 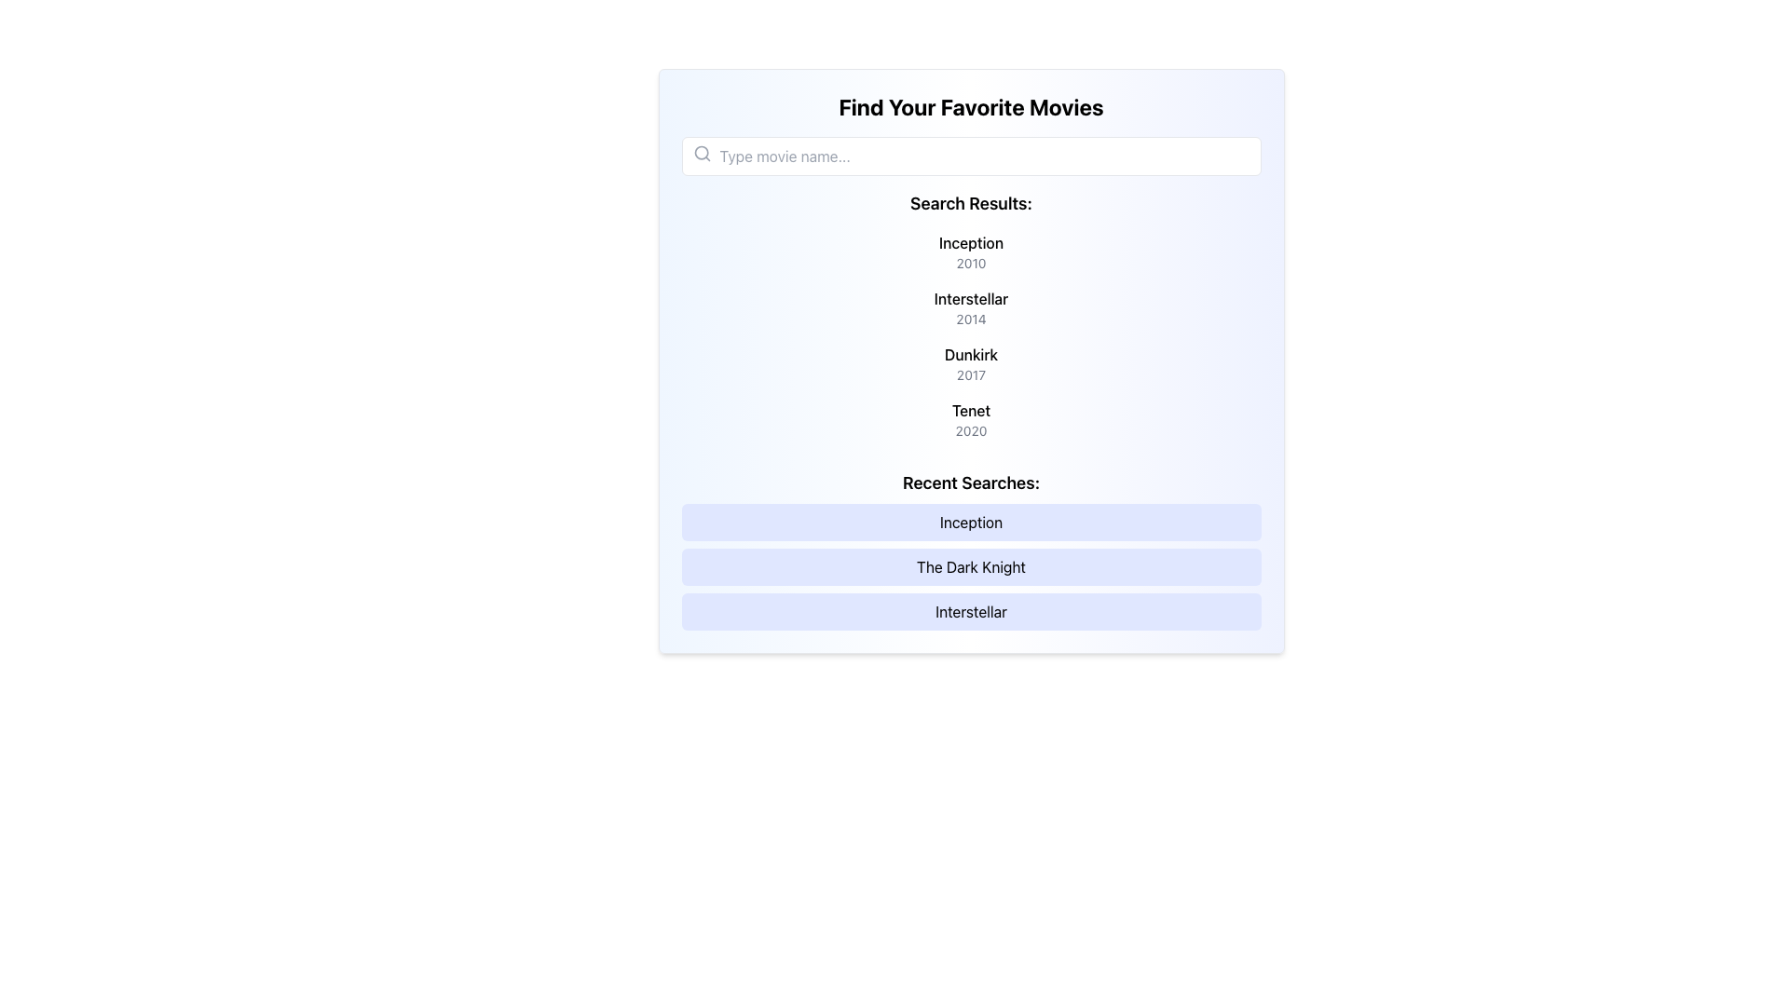 What do you see at coordinates (970, 374) in the screenshot?
I see `the text label displaying the year '2017' located beneath the title 'Dunkirk' in the 'Search Results' section` at bounding box center [970, 374].